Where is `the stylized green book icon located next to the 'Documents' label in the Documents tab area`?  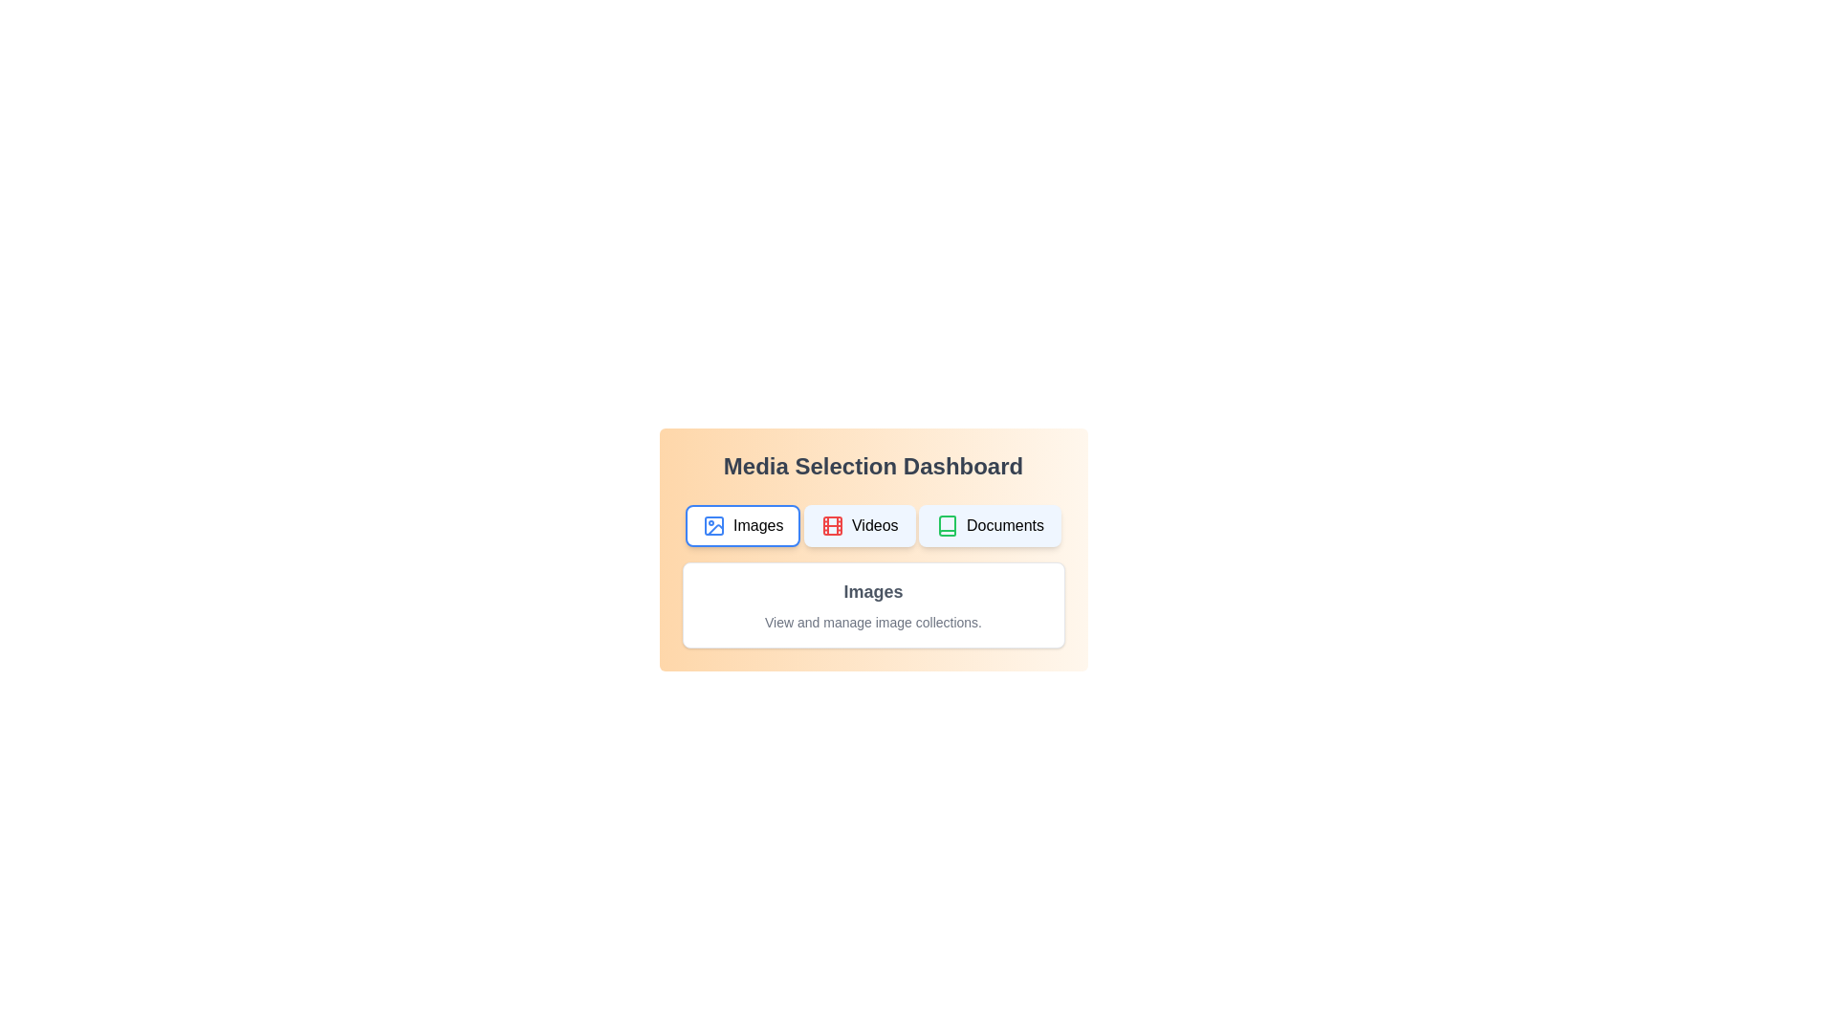
the stylized green book icon located next to the 'Documents' label in the Documents tab area is located at coordinates (948, 526).